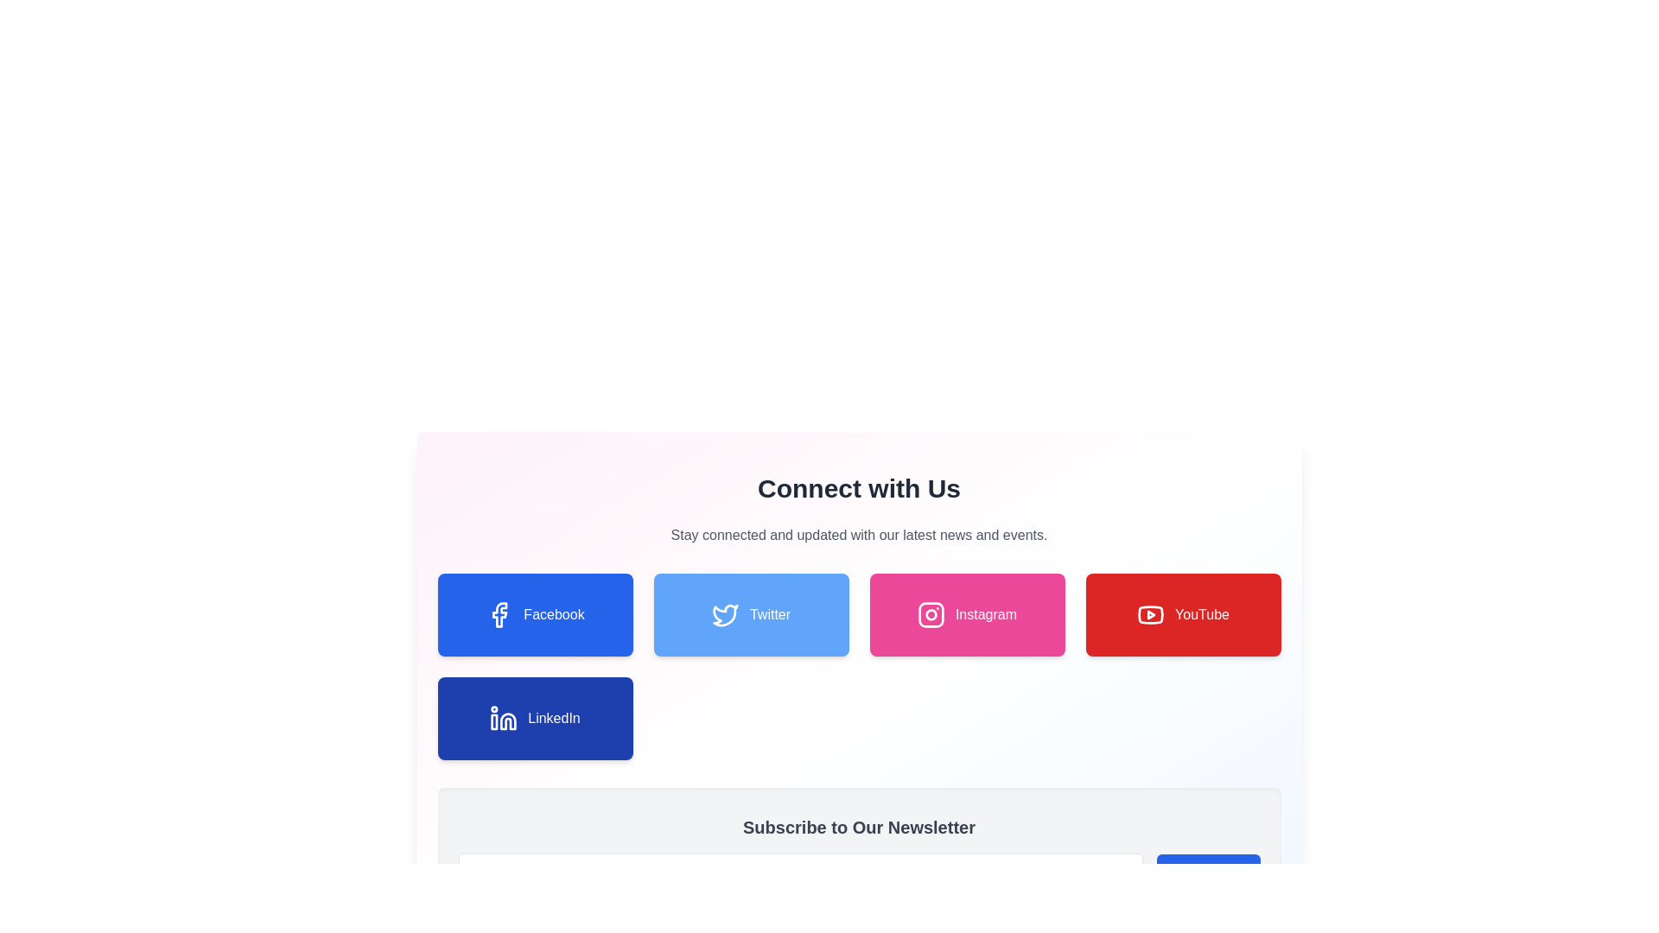 This screenshot has width=1659, height=933. I want to click on the red 'YouTube' button with white text and a play button icon, located to the right of the 'Instagram' button, so click(1182, 614).